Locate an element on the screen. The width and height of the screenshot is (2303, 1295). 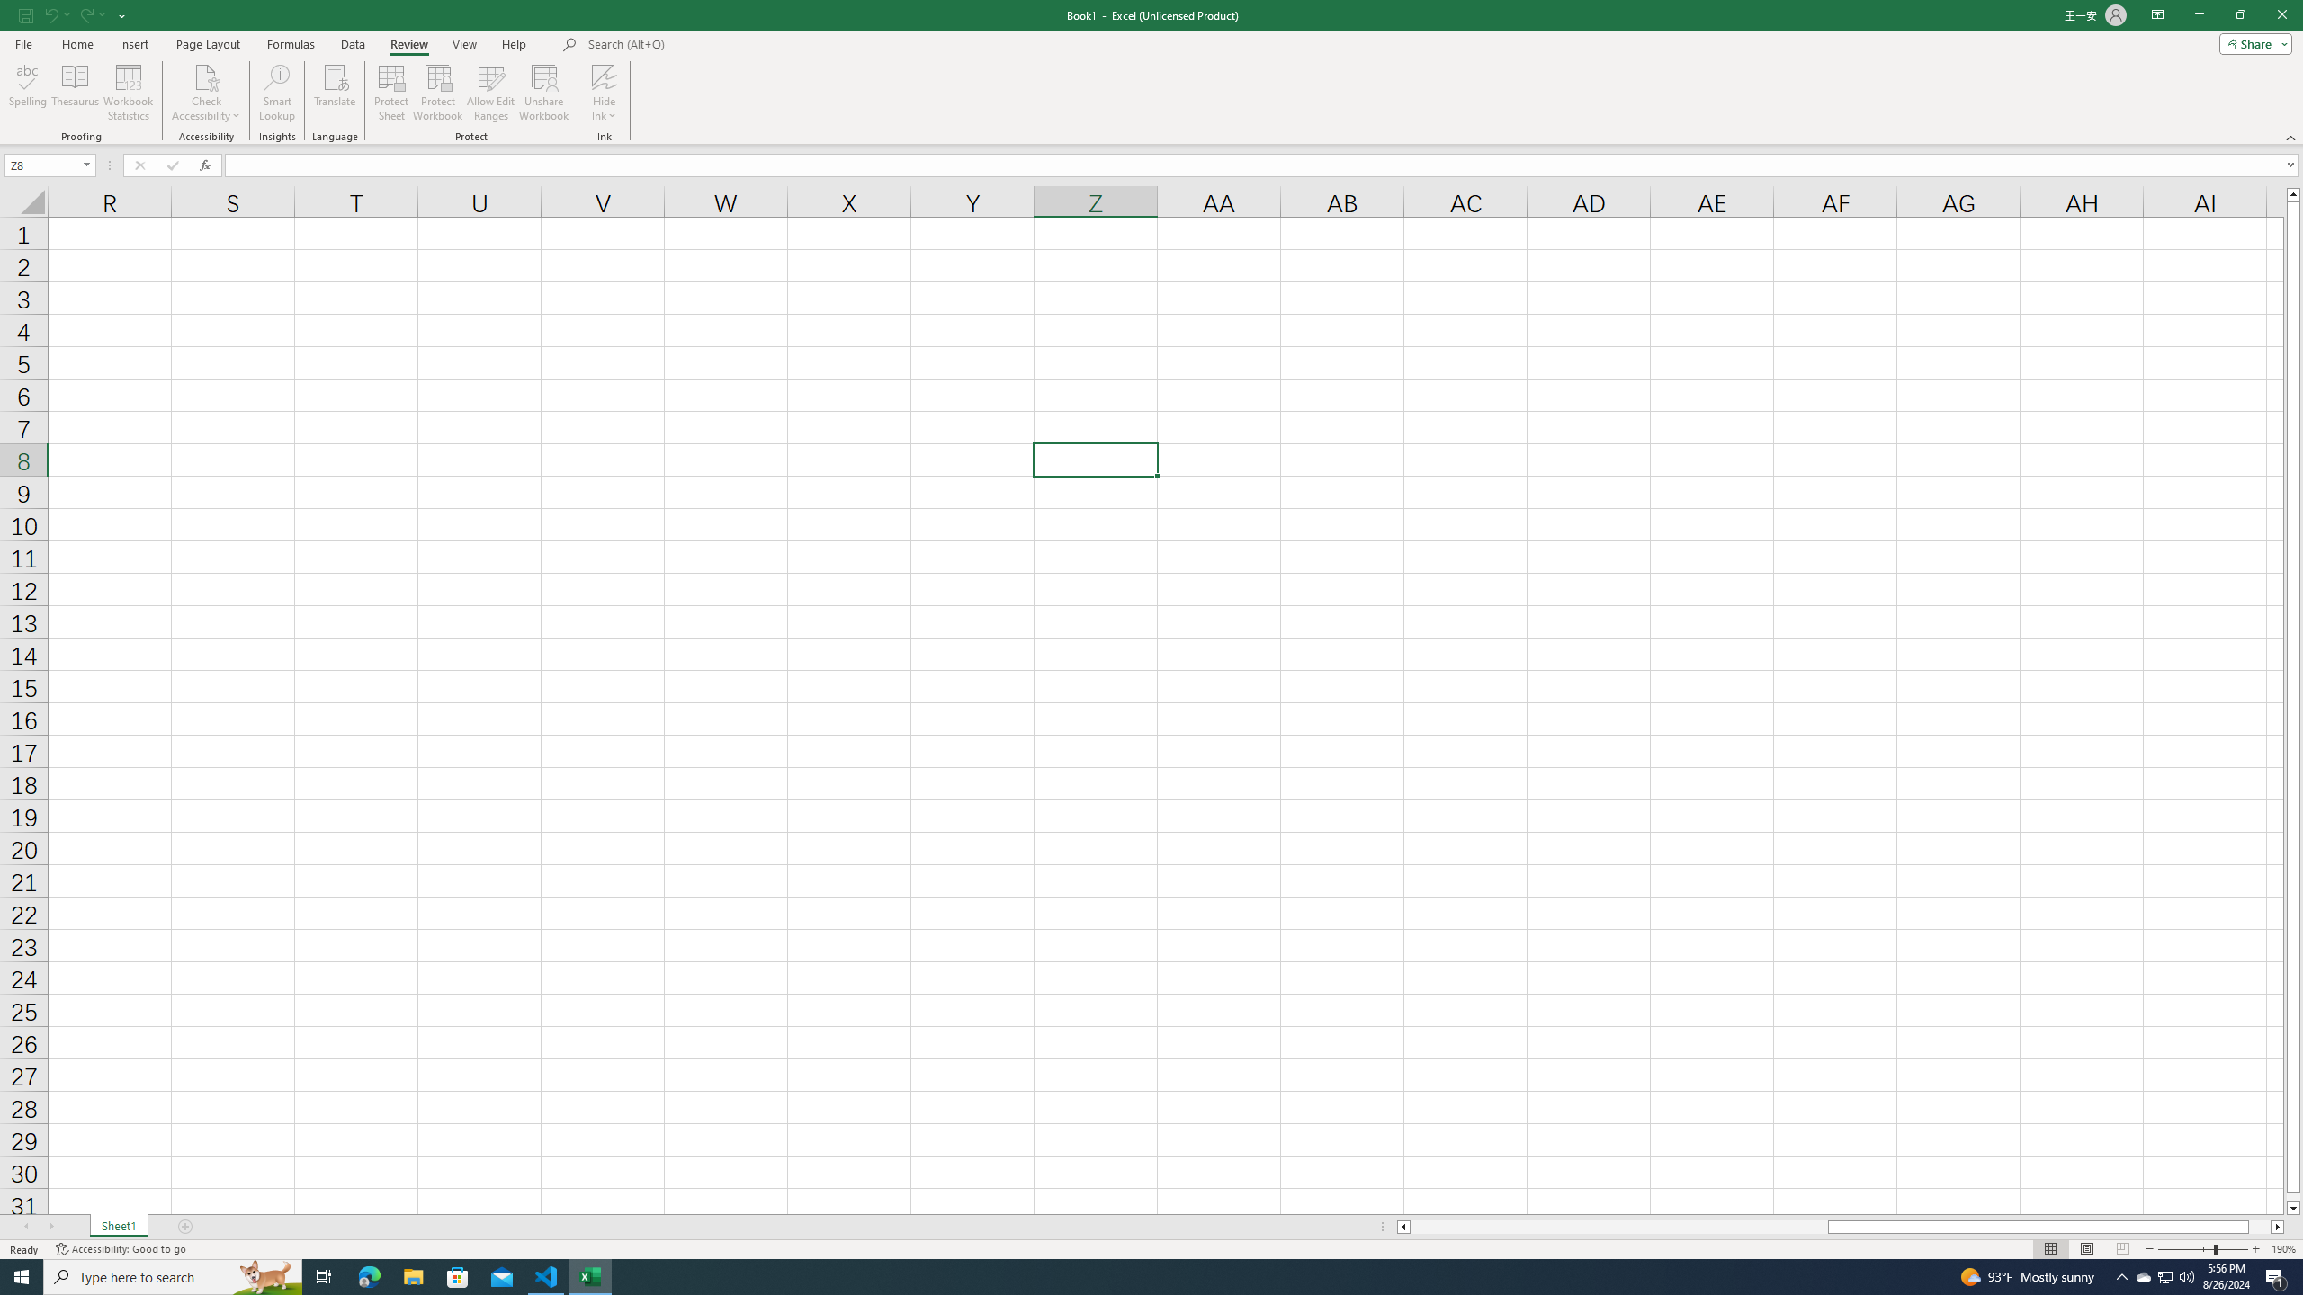
'Translate' is located at coordinates (334, 93).